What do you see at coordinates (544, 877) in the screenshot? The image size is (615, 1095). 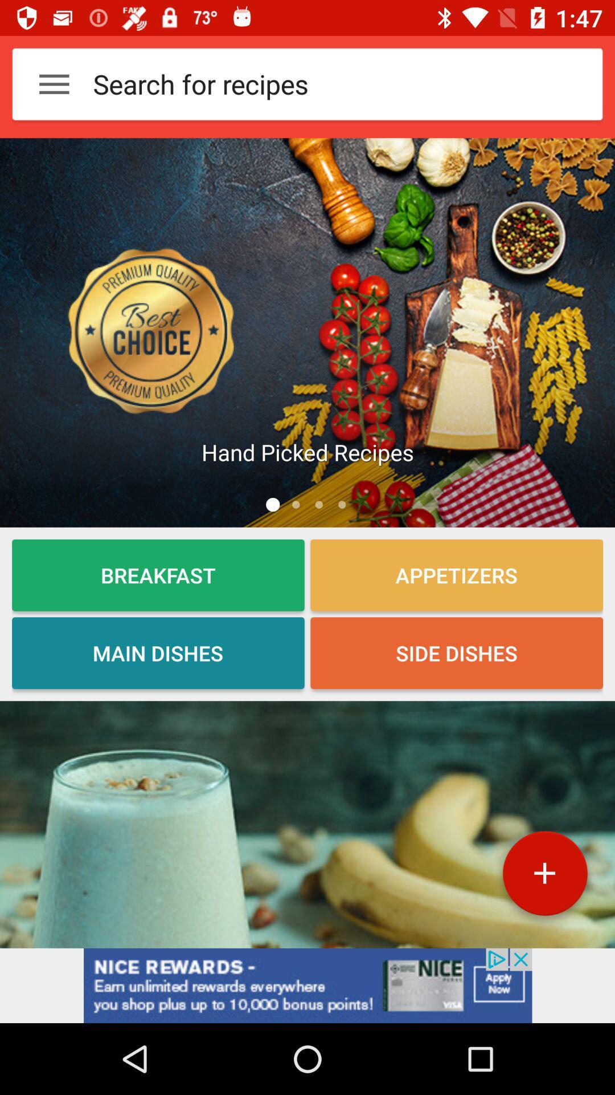 I see `the add icon` at bounding box center [544, 877].